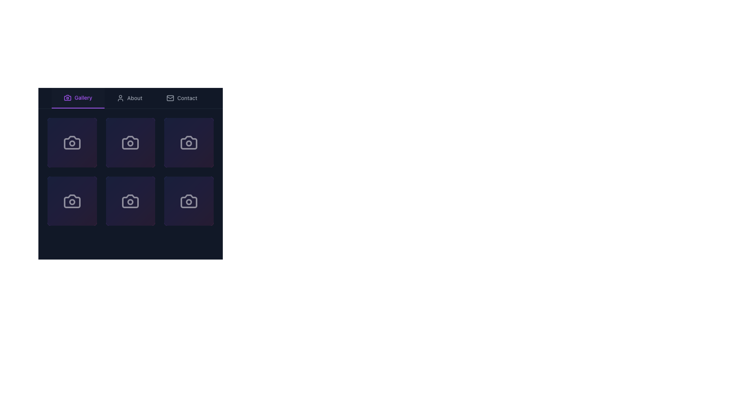  Describe the element at coordinates (72, 201) in the screenshot. I see `the stylized camera icon located at the bottom-left tile of a 2x3 grid layout against a dark background` at that location.